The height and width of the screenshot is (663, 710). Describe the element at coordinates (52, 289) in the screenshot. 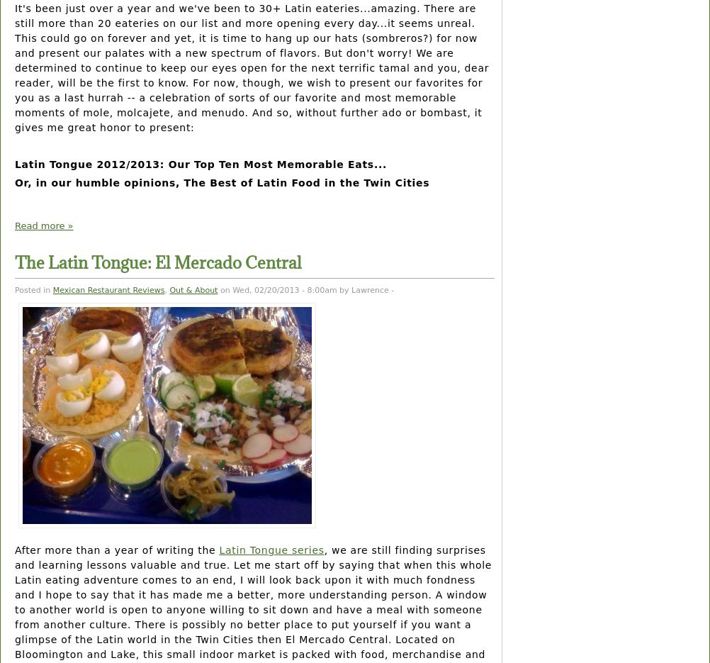

I see `'Mexican Restaurant Reviews'` at that location.